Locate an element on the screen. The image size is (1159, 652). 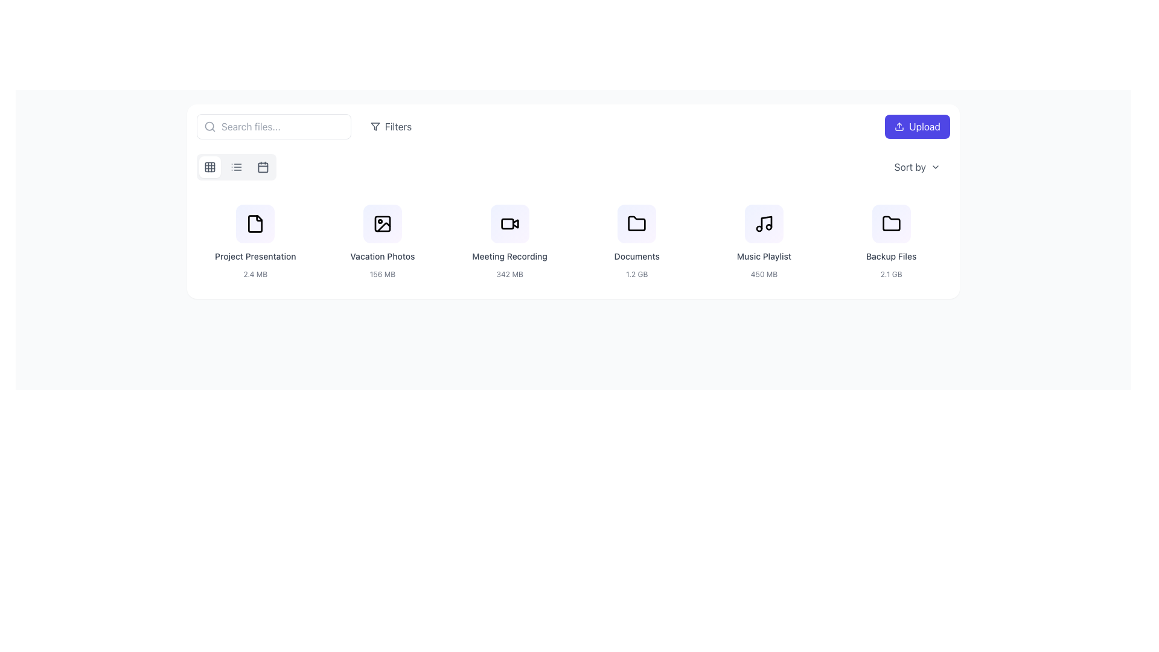
the text label identifying 'Backup Files' which is positioned above the '2.1 GB' text in the sixth vertical card from the left is located at coordinates (891, 255).